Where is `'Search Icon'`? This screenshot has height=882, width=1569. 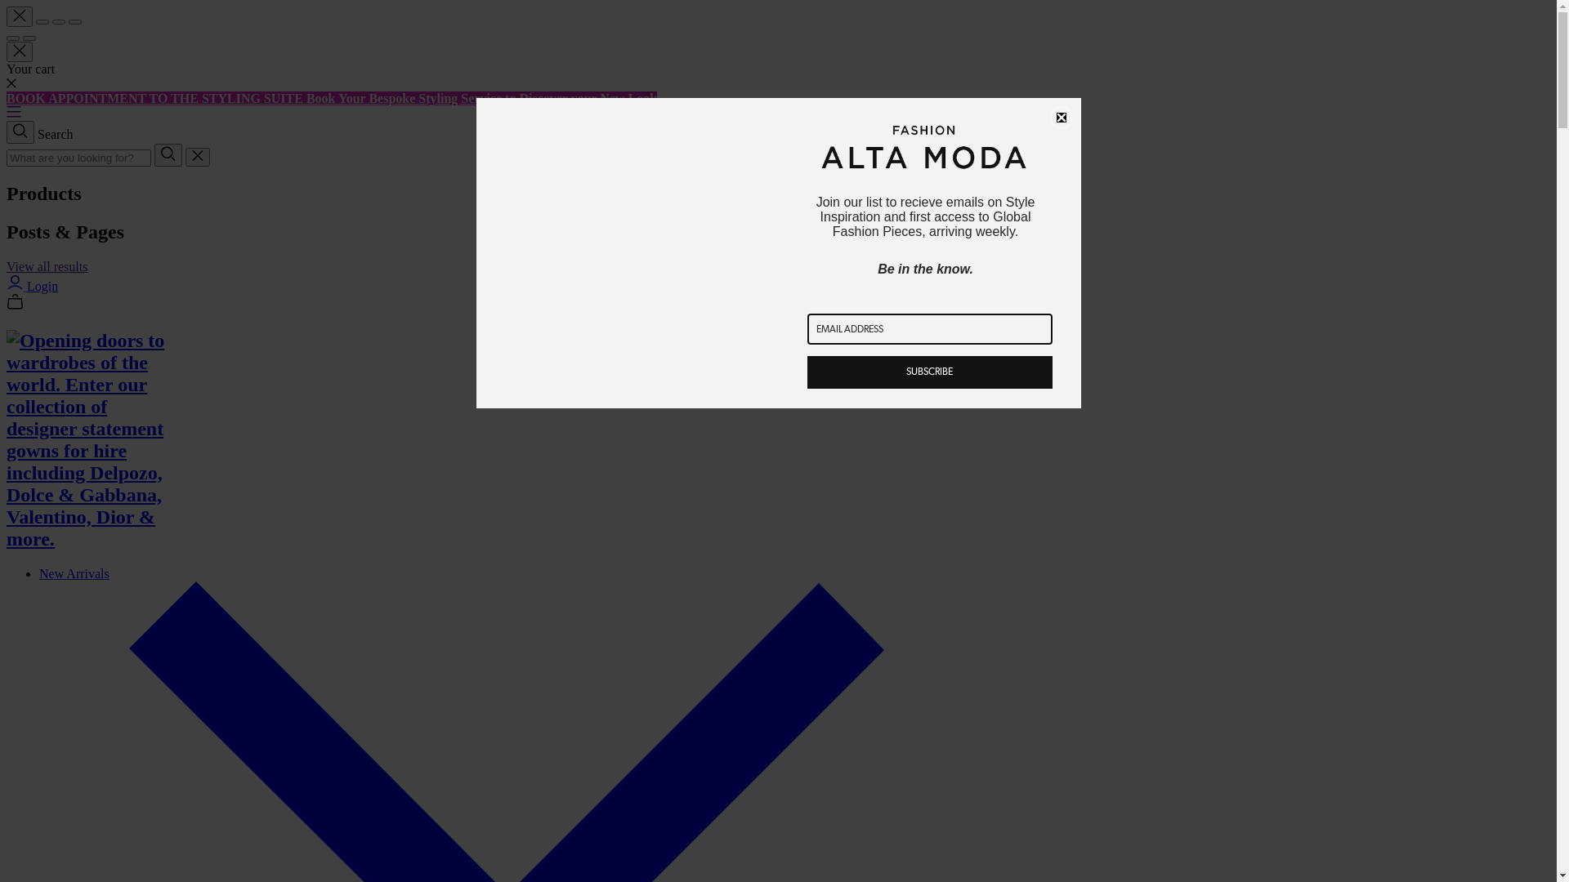 'Search Icon' is located at coordinates (154, 154).